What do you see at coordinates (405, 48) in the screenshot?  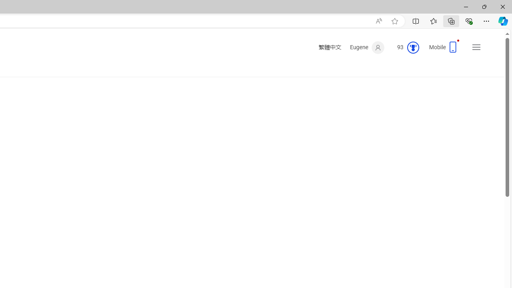 I see `'Microsoft Rewards 93'` at bounding box center [405, 48].